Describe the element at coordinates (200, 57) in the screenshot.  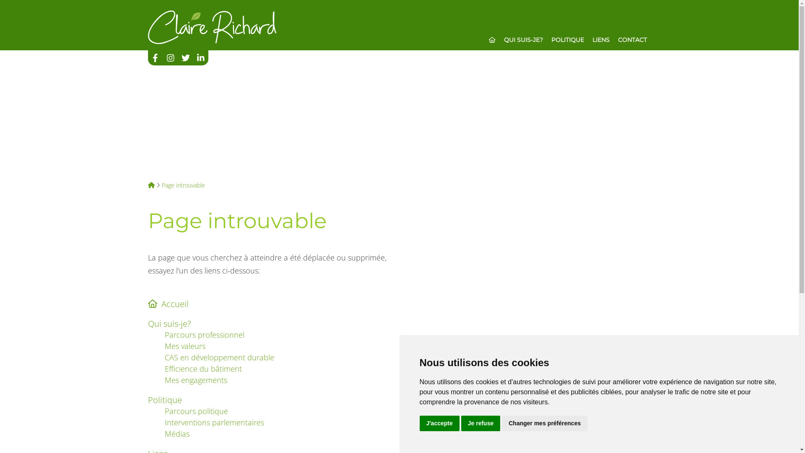
I see `'Nous suivre sur Linkedin'` at that location.